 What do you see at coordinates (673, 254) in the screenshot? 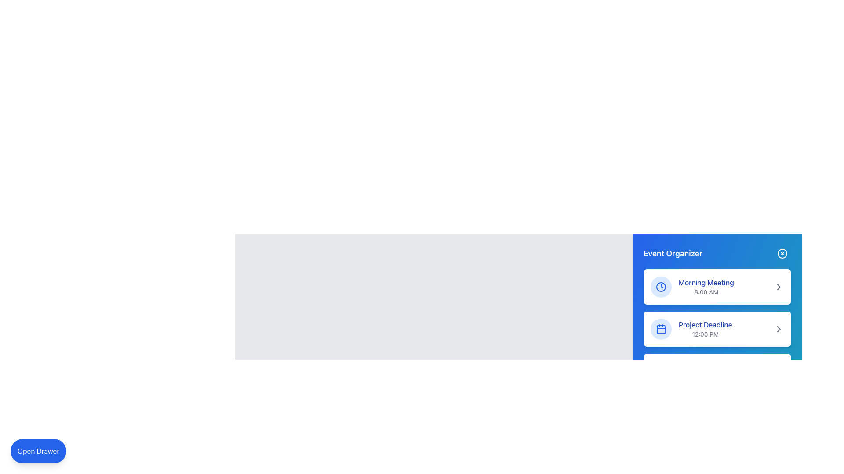
I see `the bold text label displaying 'Event Organizer' located in the top section of the blue sidebar interface` at bounding box center [673, 254].